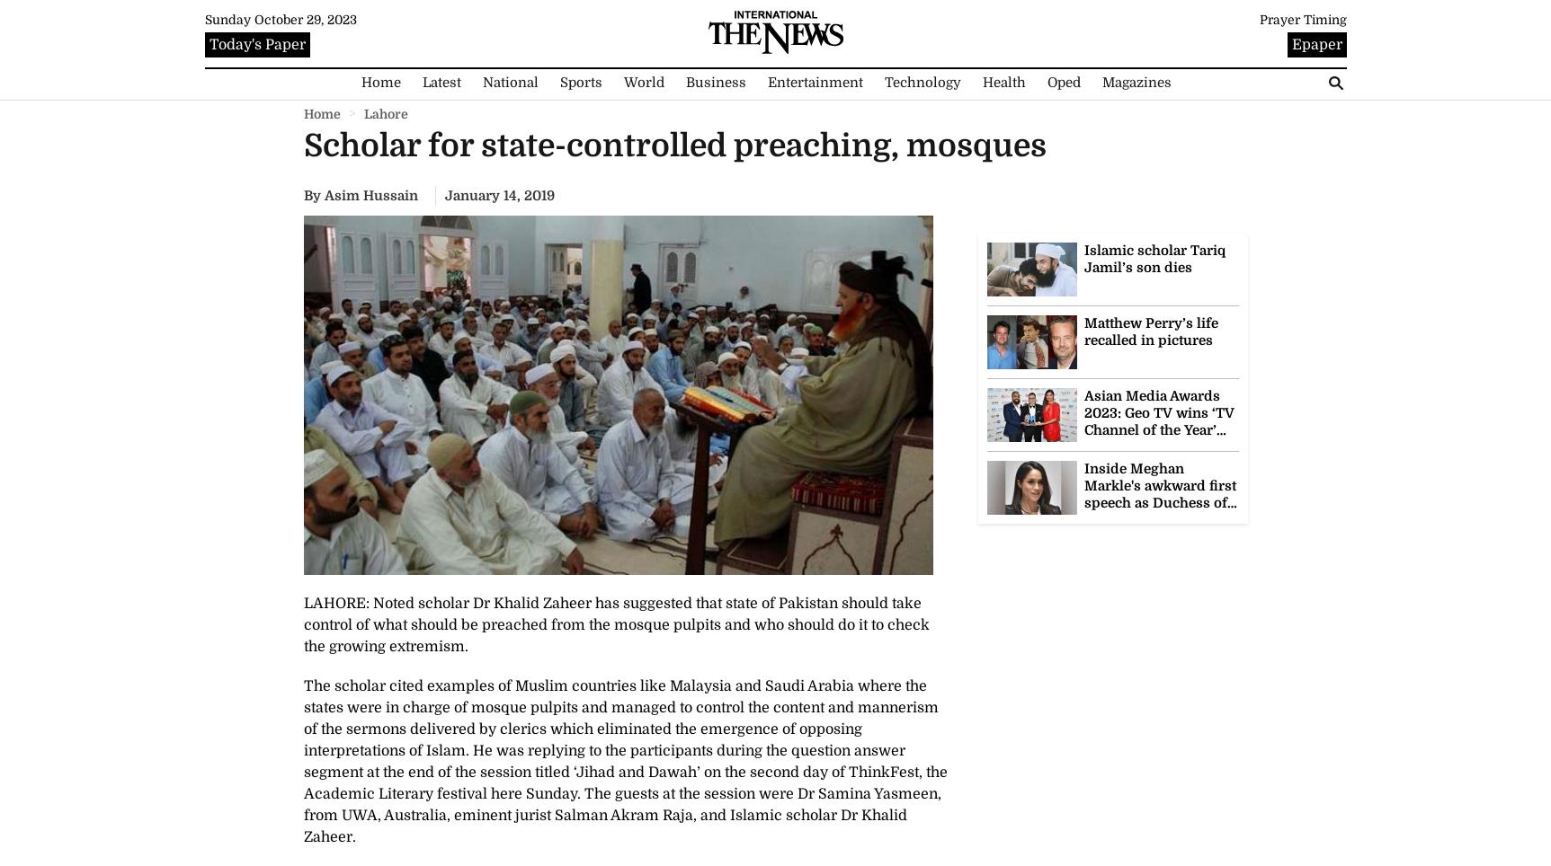 The height and width of the screenshot is (866, 1551). Describe the element at coordinates (1063, 81) in the screenshot. I see `'Oped'` at that location.